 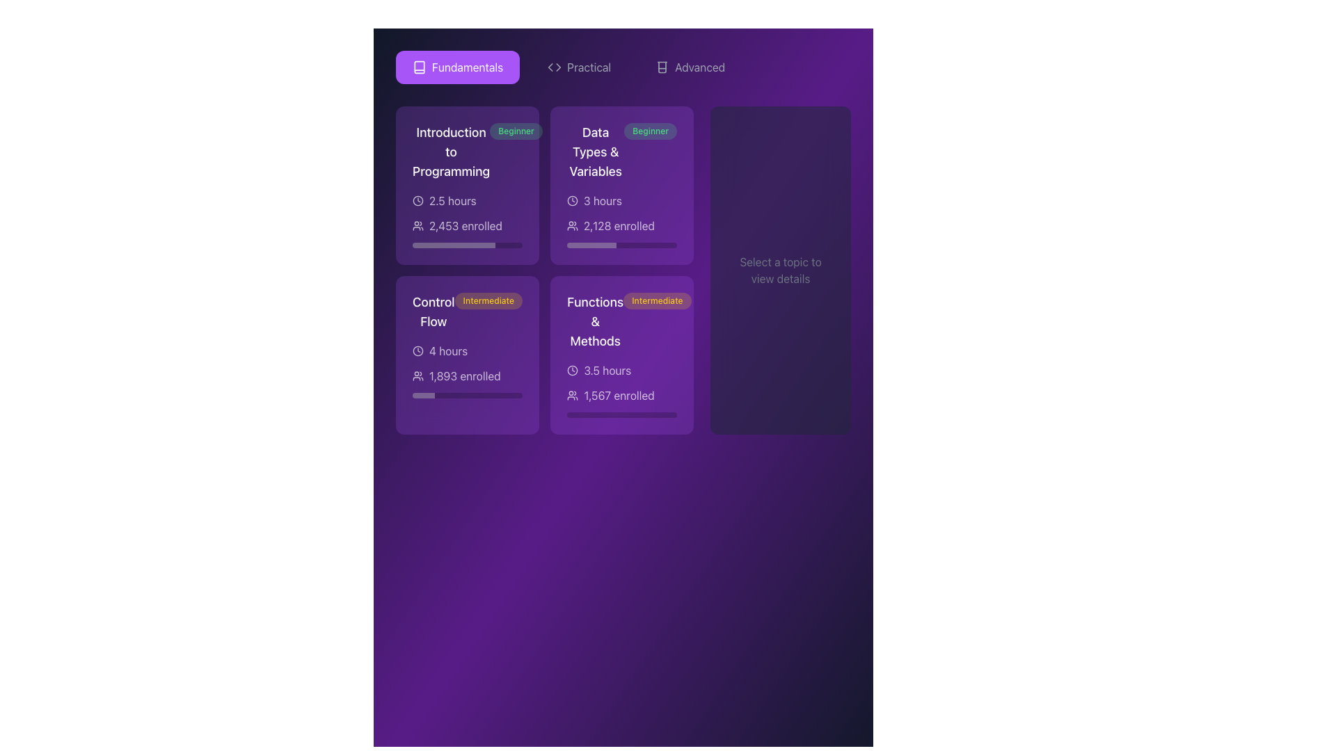 What do you see at coordinates (621, 396) in the screenshot?
I see `the labeled information element displaying '1,567 enrolled' with an icon representing users, located in the second row of the 'Functions & Methods' card` at bounding box center [621, 396].